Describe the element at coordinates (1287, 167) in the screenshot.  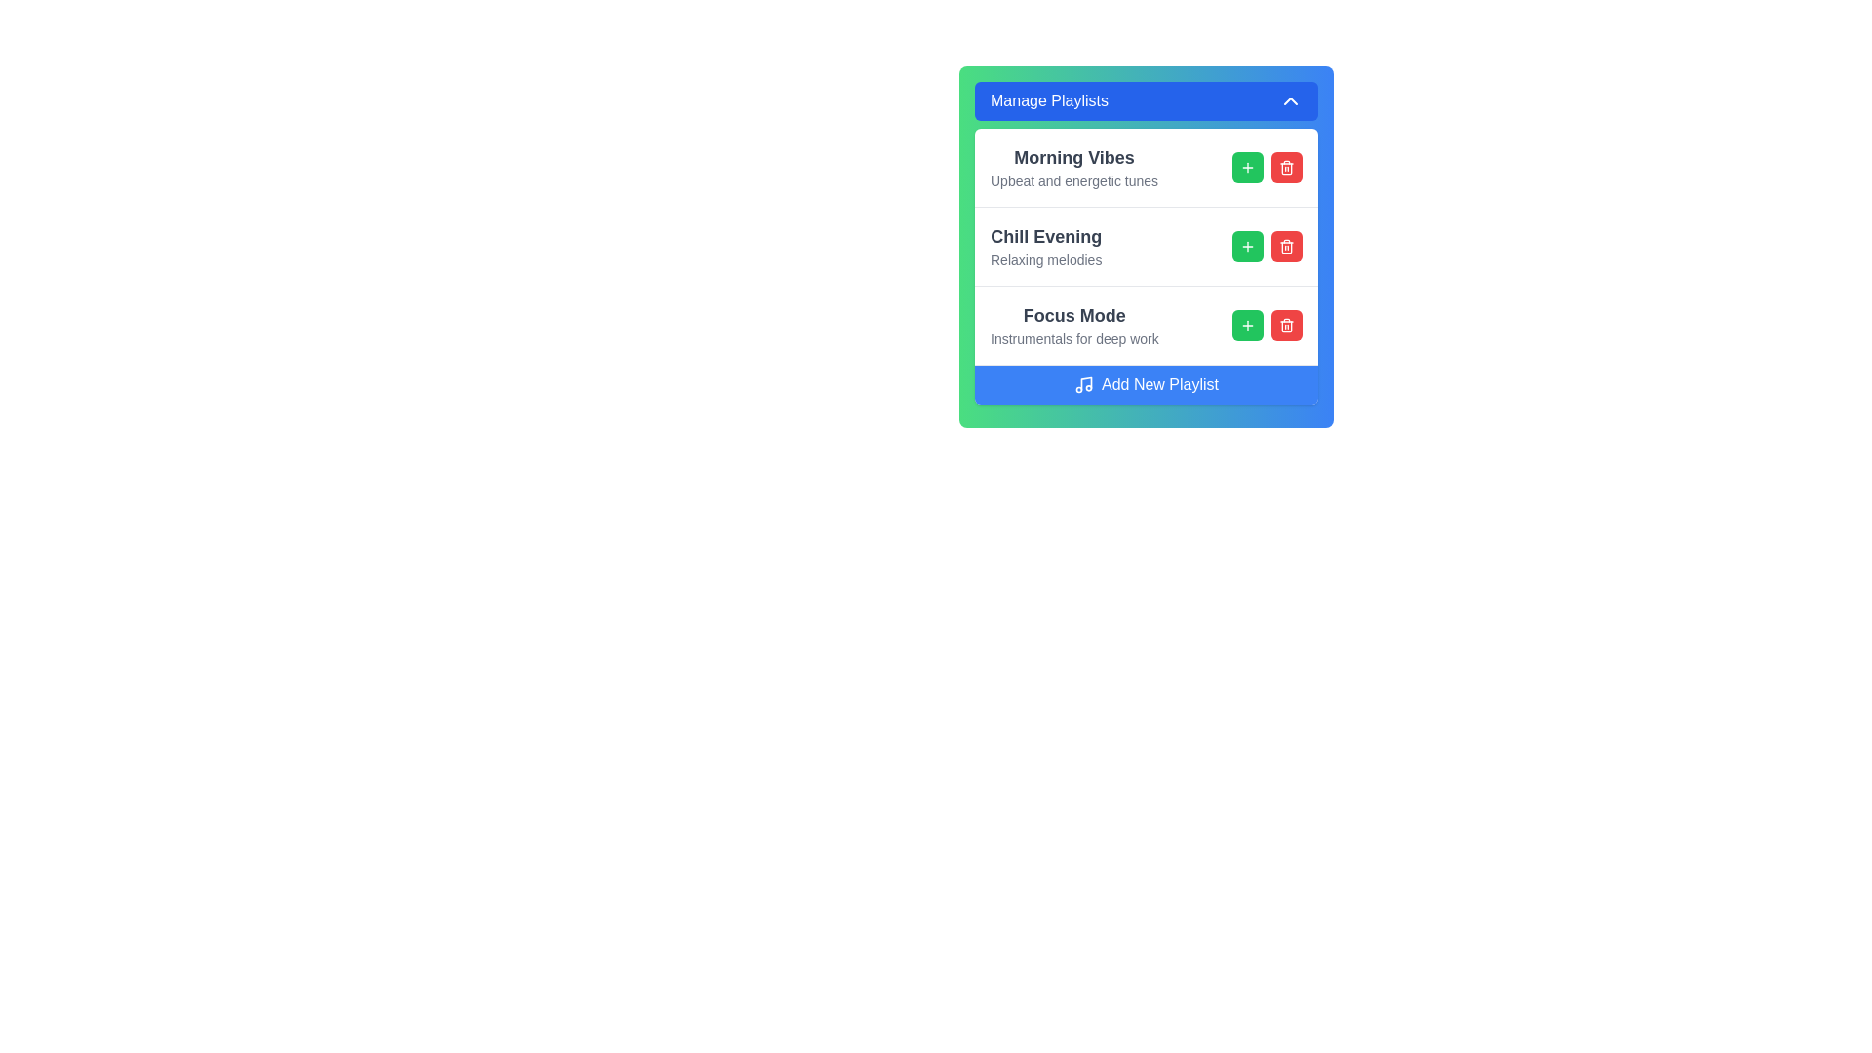
I see `the delete icon button located to the right of the 'Morning Vibes' playlist` at that location.